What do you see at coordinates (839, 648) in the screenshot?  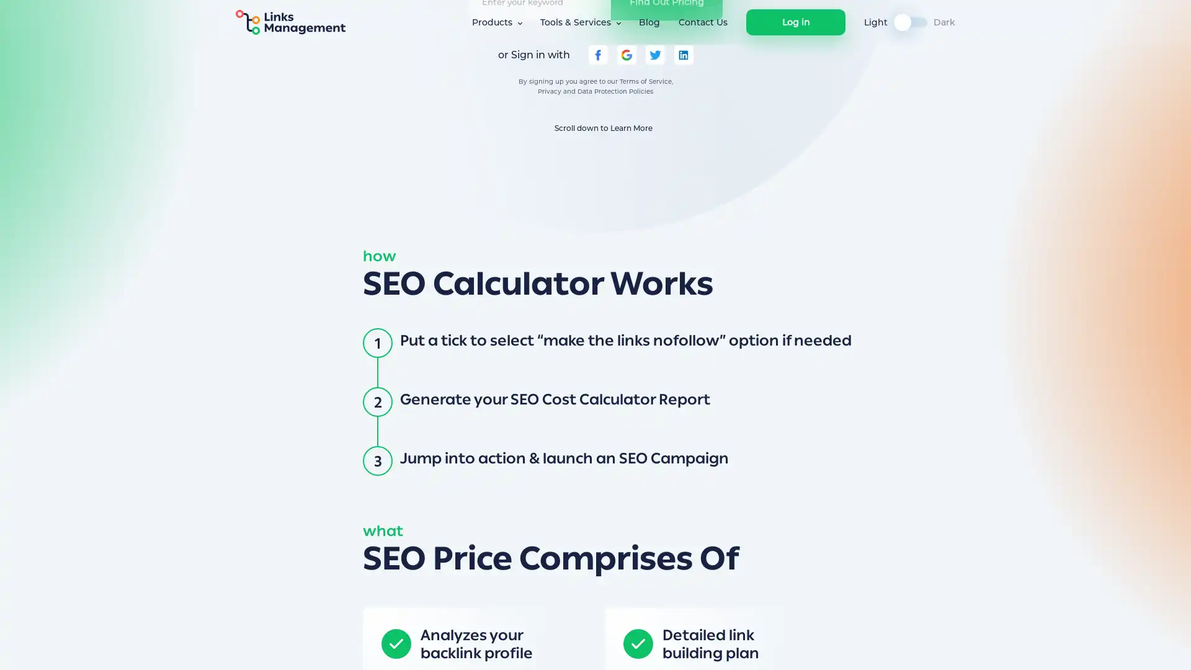 I see `Got It!` at bounding box center [839, 648].